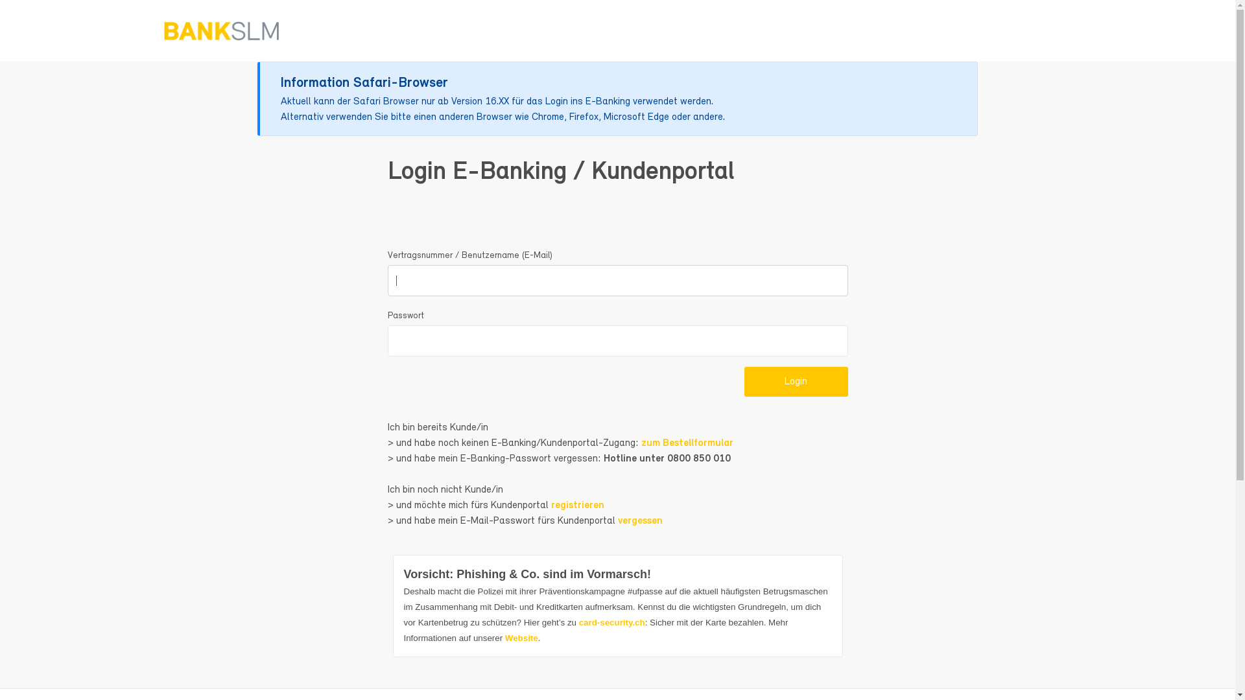  Describe the element at coordinates (577, 504) in the screenshot. I see `'registrieren'` at that location.